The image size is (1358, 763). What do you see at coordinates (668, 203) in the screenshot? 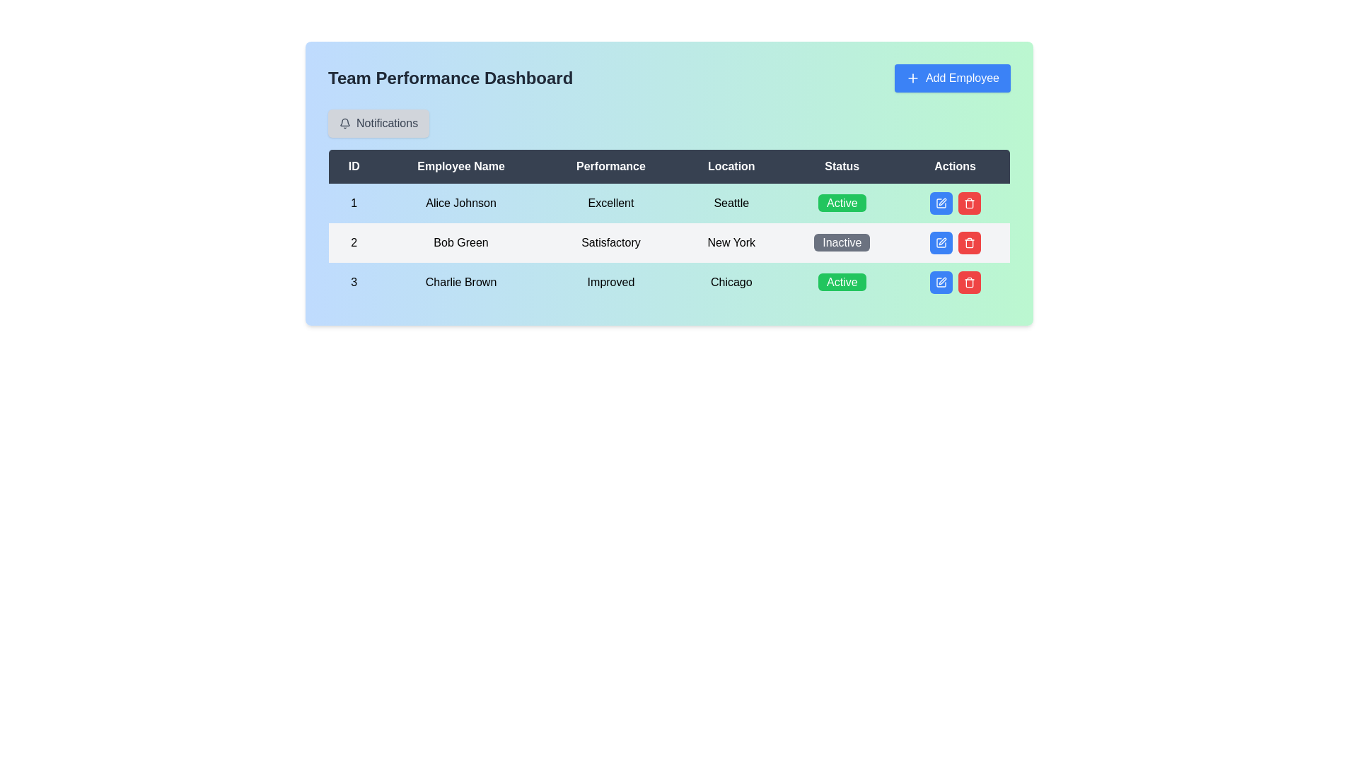
I see `displayed information in the first row of the table that contains user details for 'Alice Johnson', which includes ID, name, performance status, location, and activity state` at bounding box center [668, 203].